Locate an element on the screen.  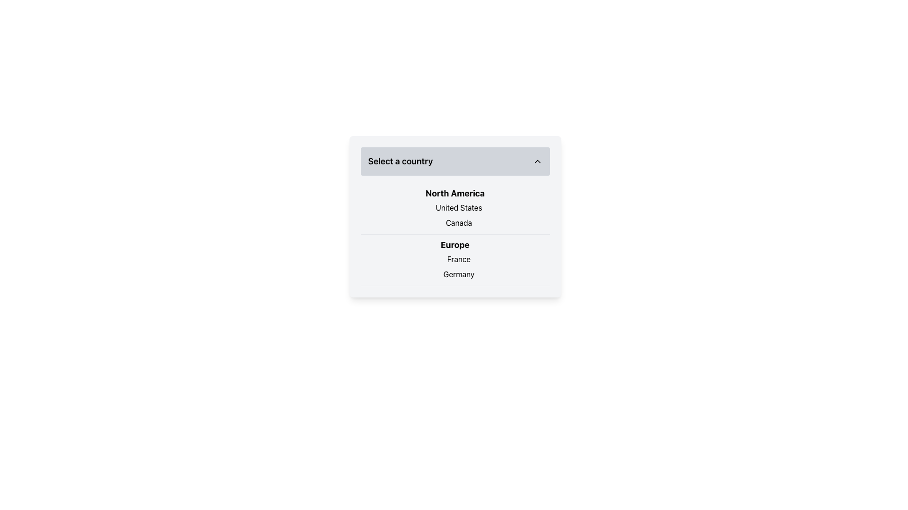
the upward pointing triangular arrow icon located at the far right of the 'Select a country' button is located at coordinates (537, 161).